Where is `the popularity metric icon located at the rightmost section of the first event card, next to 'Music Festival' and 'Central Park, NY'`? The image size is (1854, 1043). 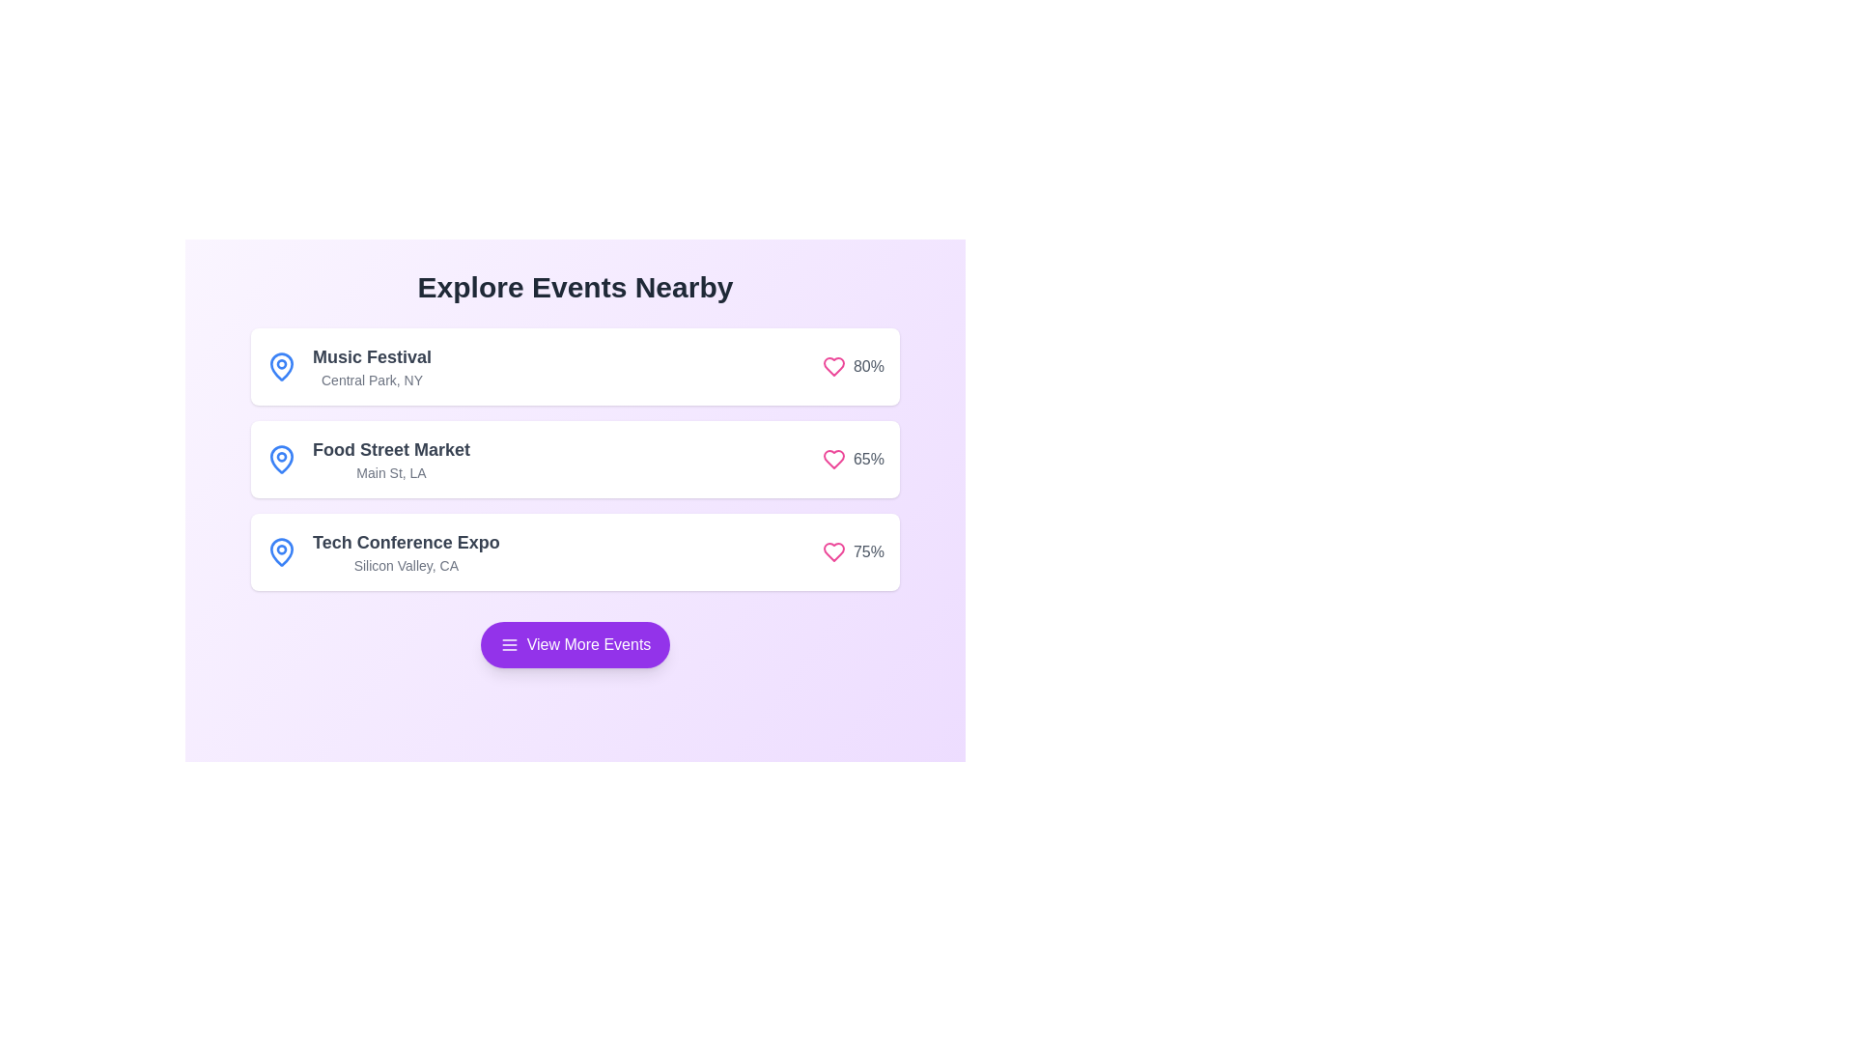 the popularity metric icon located at the rightmost section of the first event card, next to 'Music Festival' and 'Central Park, NY' is located at coordinates (852, 367).